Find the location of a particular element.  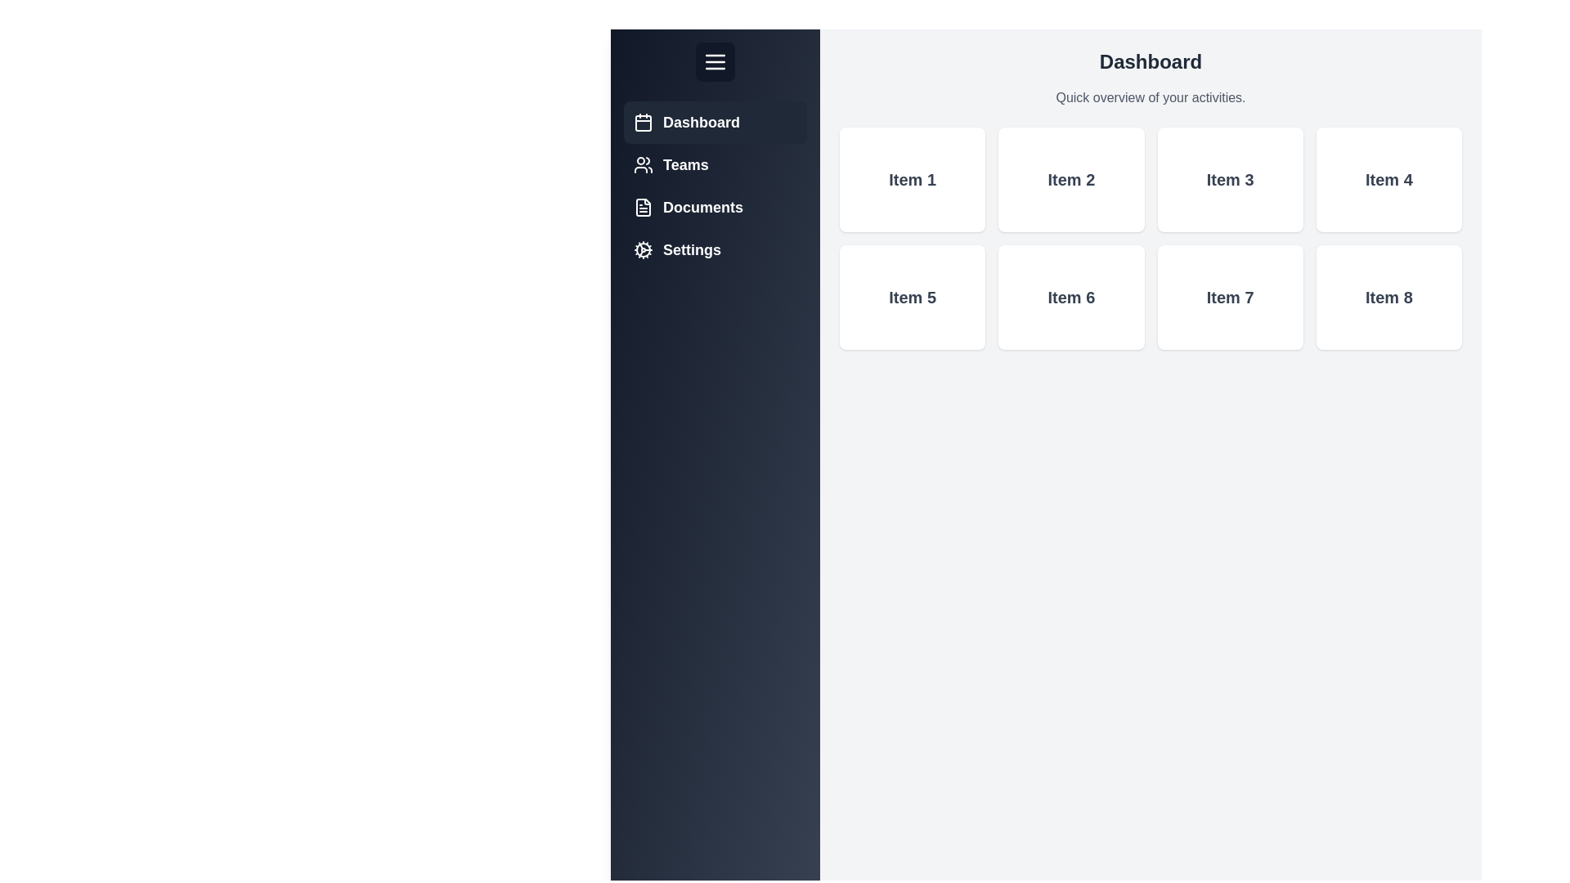

the menu item Dashboard to reveal its additional information or effects is located at coordinates (715, 122).